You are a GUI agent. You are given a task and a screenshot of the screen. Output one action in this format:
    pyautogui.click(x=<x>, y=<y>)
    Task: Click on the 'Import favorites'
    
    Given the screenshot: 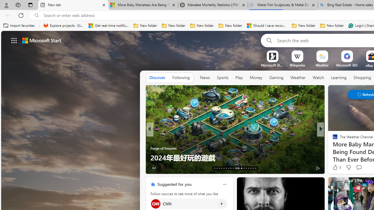 What is the action you would take?
    pyautogui.click(x=19, y=25)
    